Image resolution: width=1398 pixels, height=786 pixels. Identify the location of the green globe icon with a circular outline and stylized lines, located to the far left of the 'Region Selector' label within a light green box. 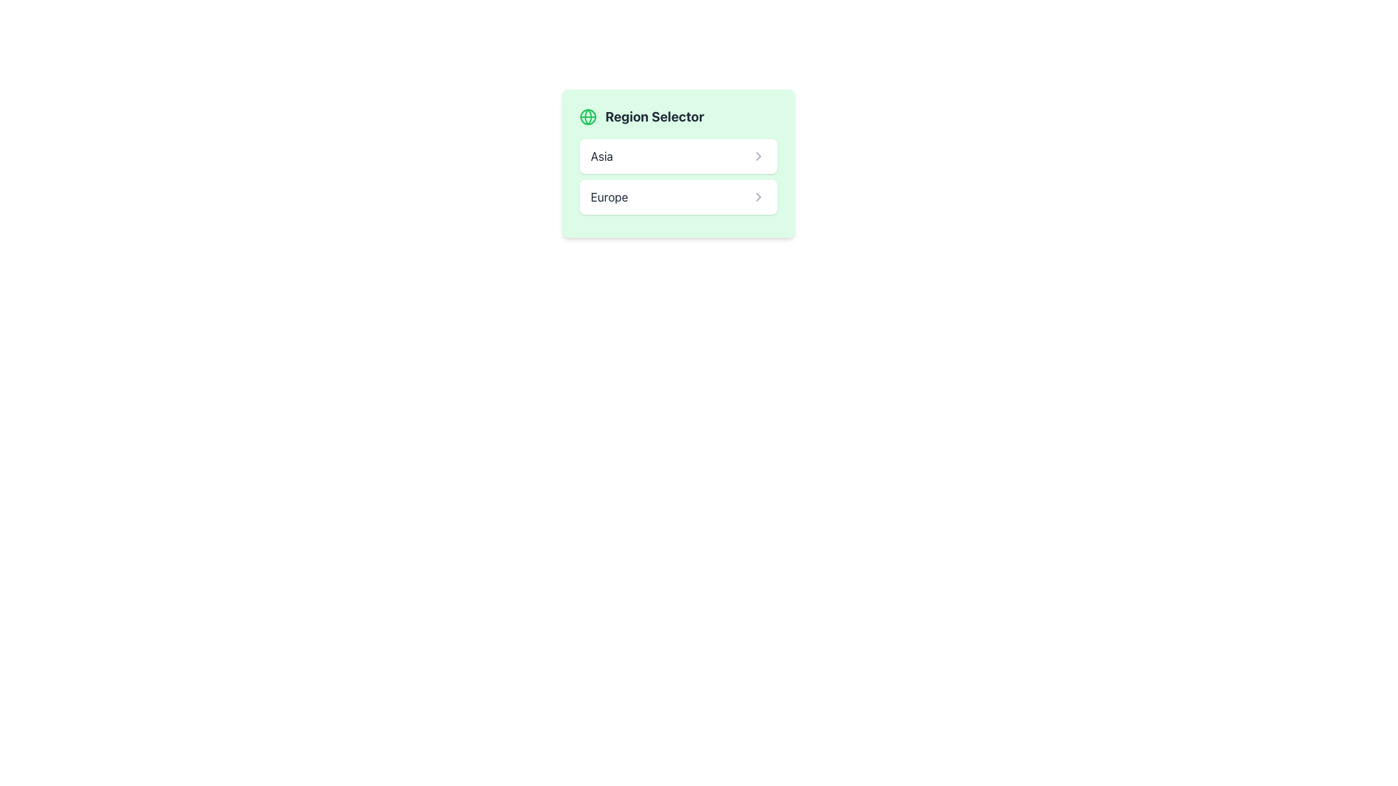
(588, 116).